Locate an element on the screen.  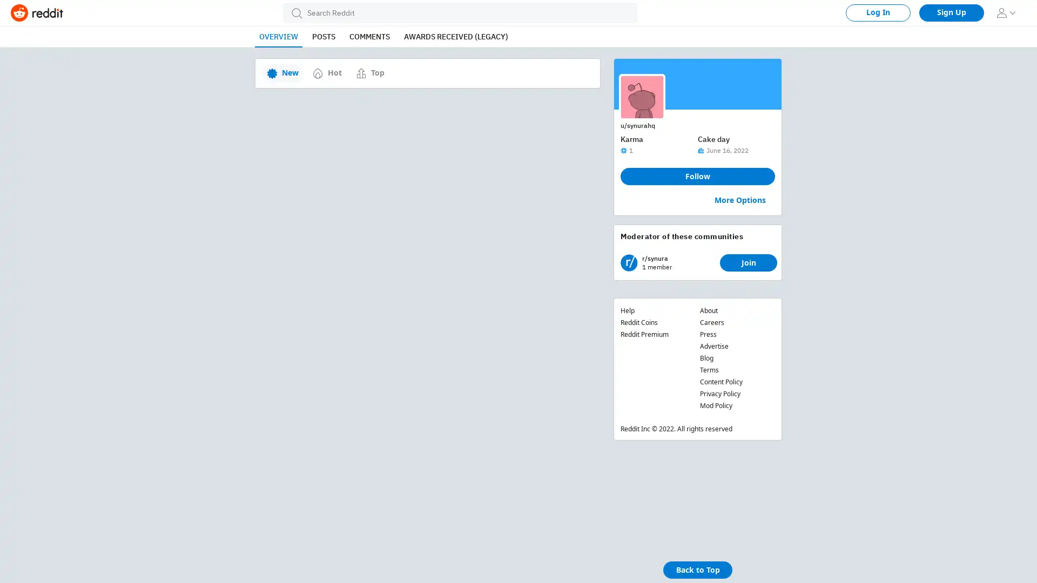
Share is located at coordinates (363, 158).